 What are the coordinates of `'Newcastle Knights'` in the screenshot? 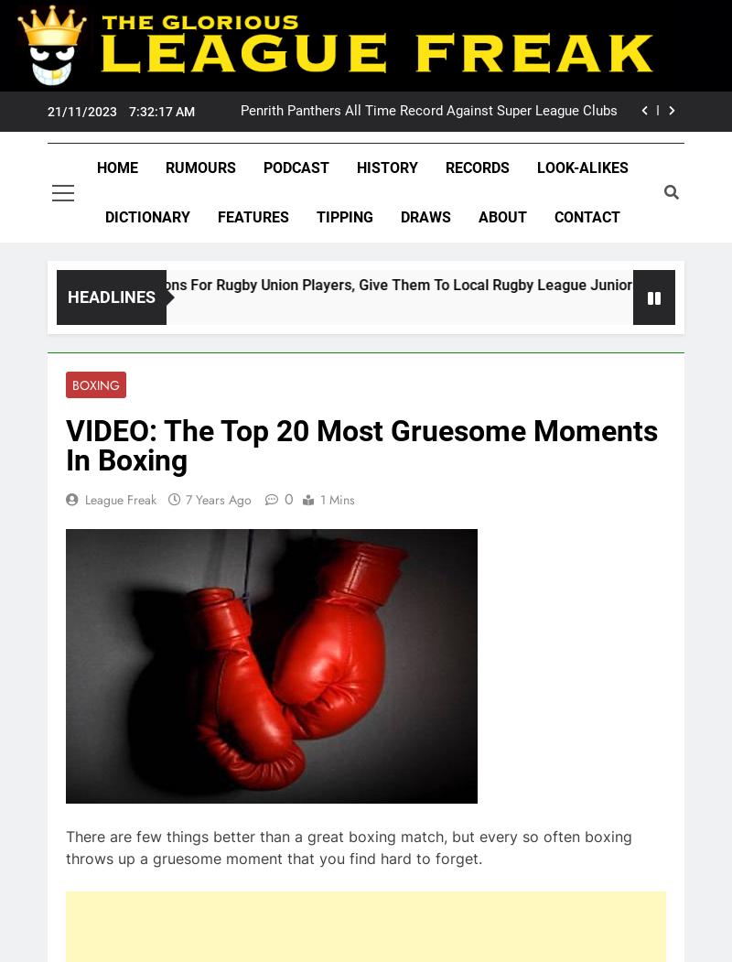 It's located at (146, 308).